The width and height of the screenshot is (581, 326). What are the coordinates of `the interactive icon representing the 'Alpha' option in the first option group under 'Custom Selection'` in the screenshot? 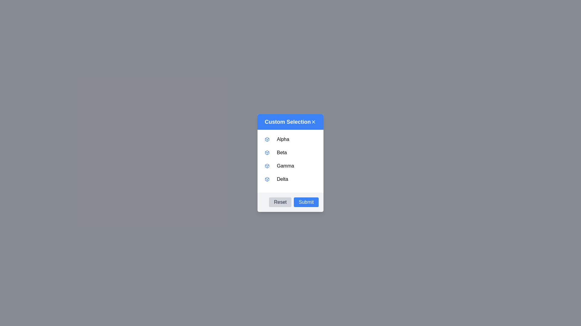 It's located at (267, 139).